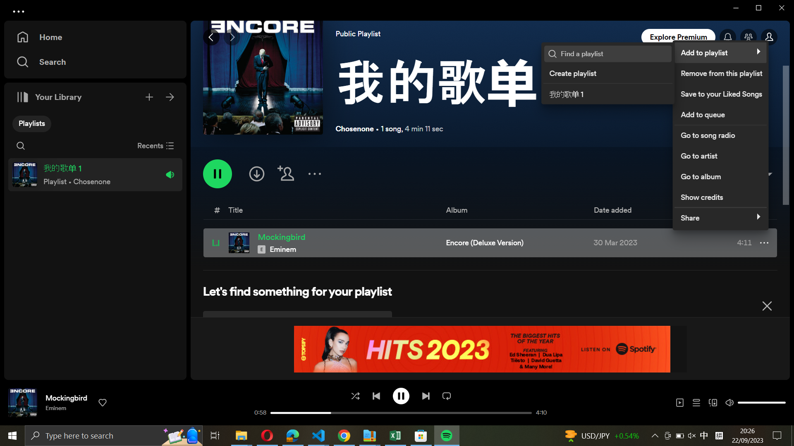  What do you see at coordinates (446, 395) in the screenshot?
I see `Activate the song looping feature` at bounding box center [446, 395].